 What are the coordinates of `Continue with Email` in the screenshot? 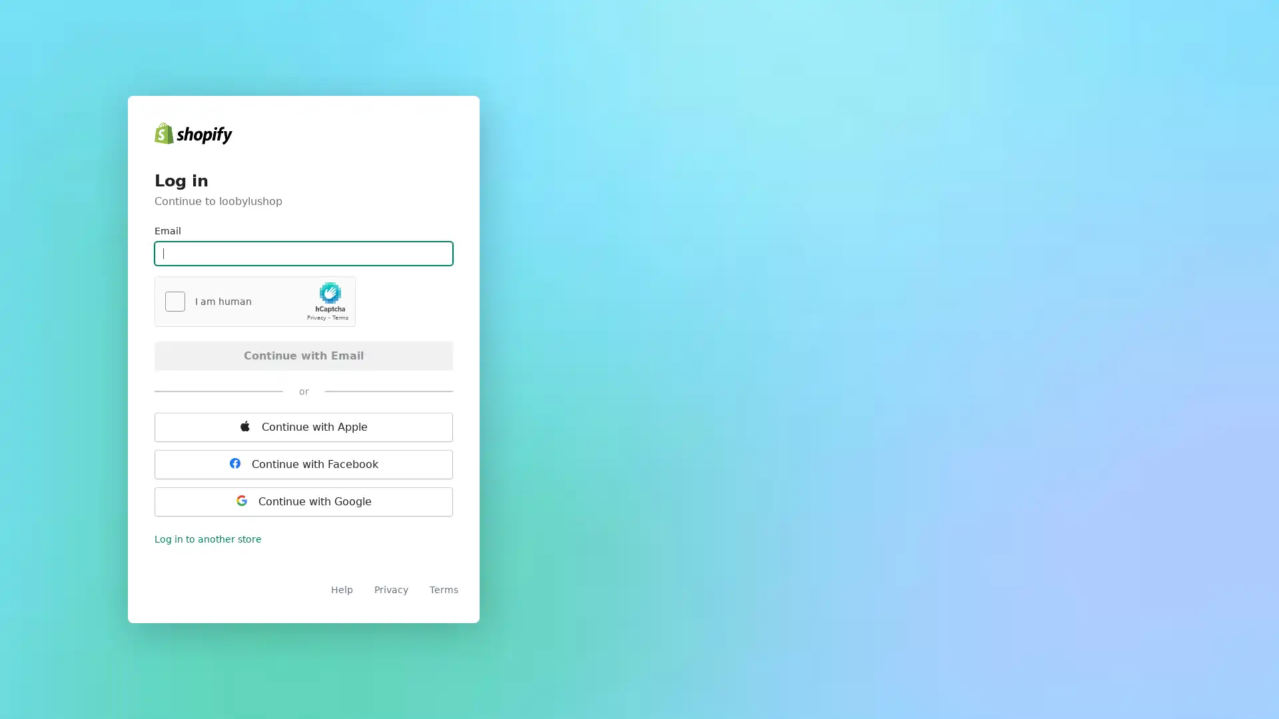 It's located at (303, 354).